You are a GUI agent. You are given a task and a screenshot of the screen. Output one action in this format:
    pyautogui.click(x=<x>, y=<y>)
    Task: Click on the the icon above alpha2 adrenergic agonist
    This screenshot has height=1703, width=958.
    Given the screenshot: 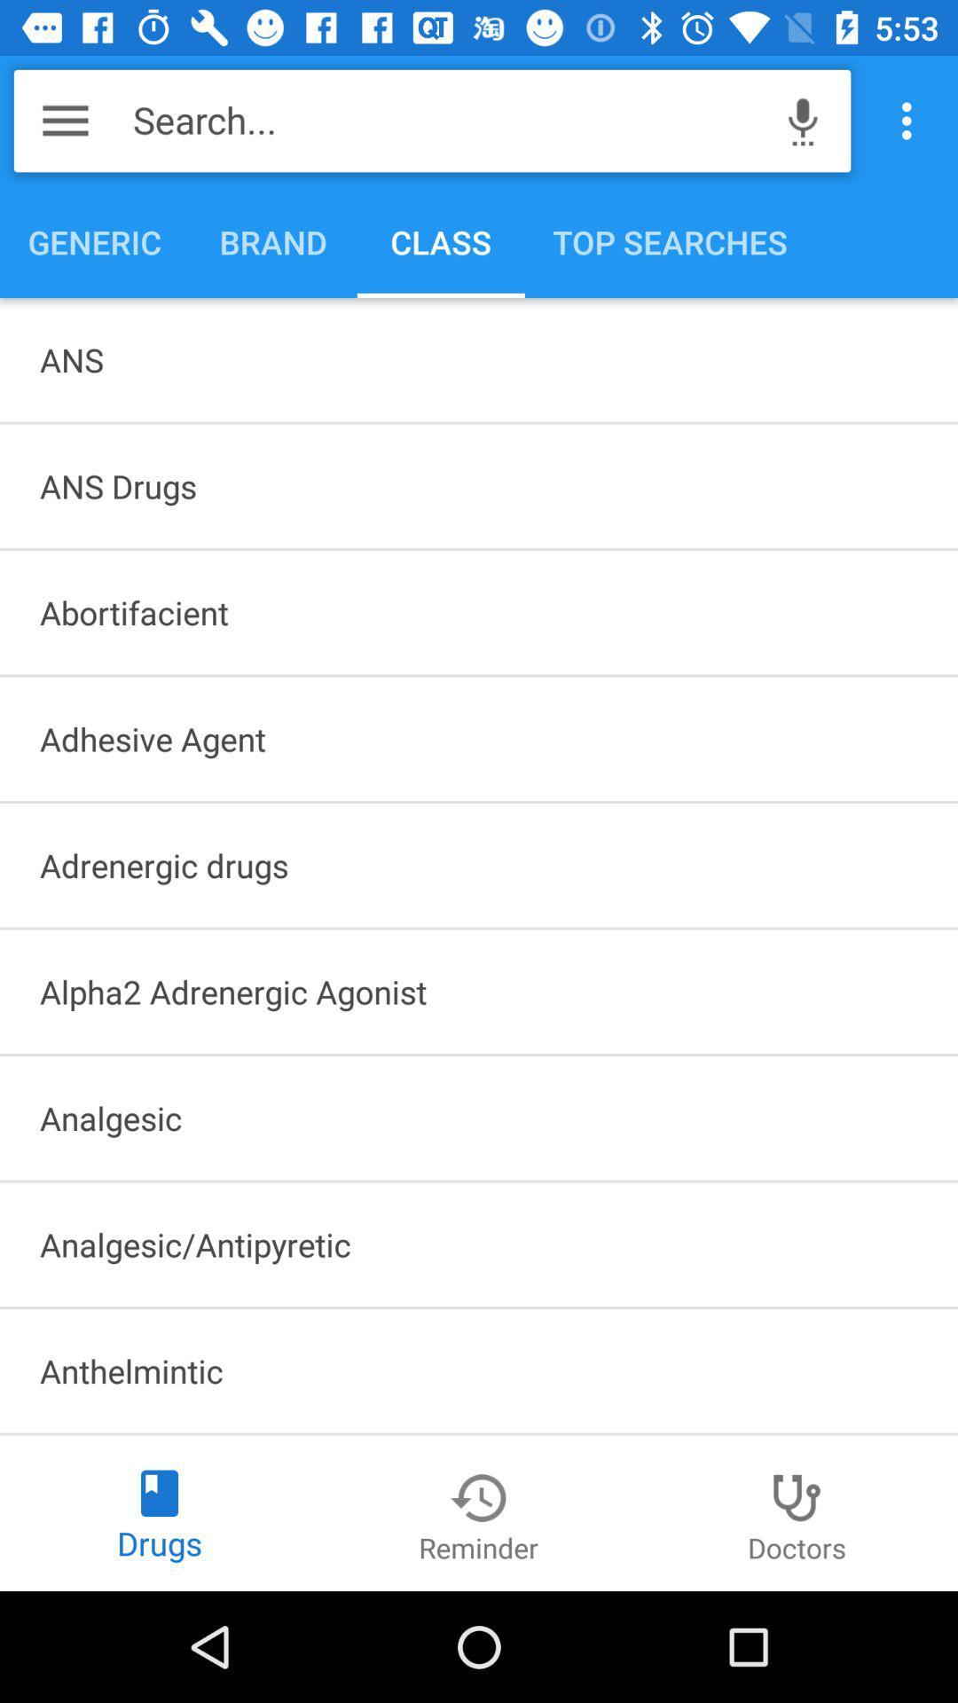 What is the action you would take?
    pyautogui.click(x=479, y=865)
    